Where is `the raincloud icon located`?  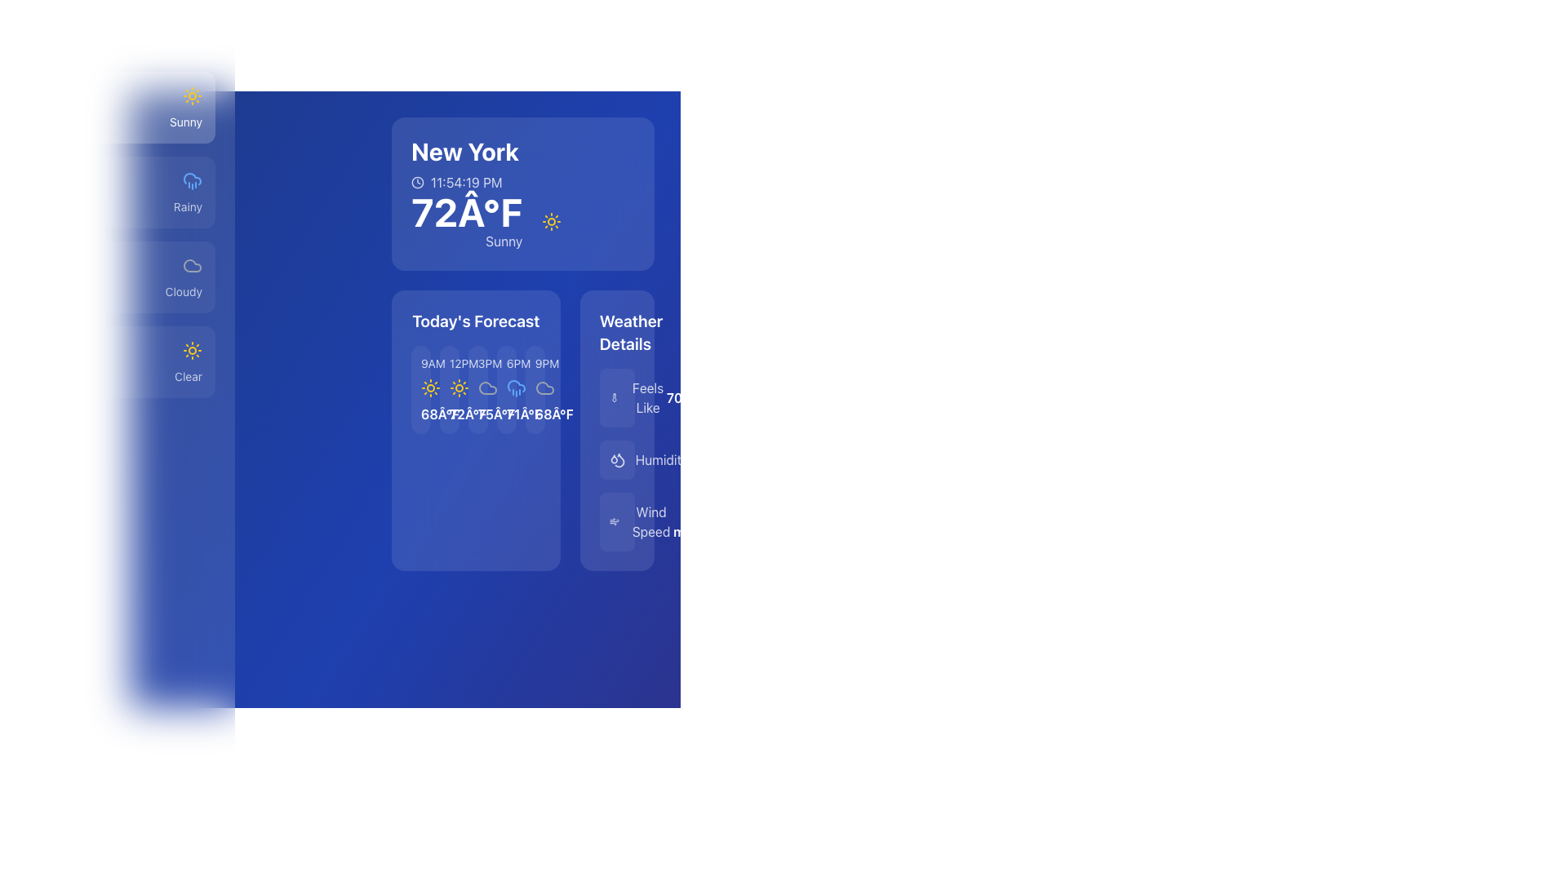 the raincloud icon located is located at coordinates (192, 181).